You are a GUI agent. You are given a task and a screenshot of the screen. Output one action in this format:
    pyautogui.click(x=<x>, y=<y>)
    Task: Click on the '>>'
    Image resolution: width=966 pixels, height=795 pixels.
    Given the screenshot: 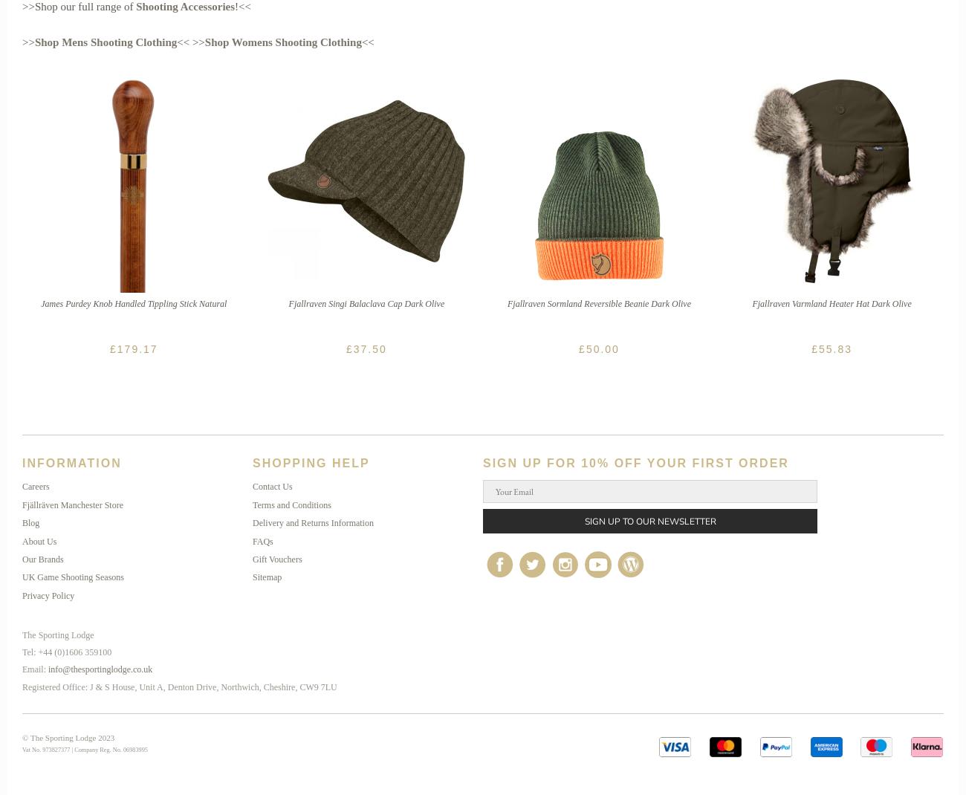 What is the action you would take?
    pyautogui.click(x=27, y=42)
    